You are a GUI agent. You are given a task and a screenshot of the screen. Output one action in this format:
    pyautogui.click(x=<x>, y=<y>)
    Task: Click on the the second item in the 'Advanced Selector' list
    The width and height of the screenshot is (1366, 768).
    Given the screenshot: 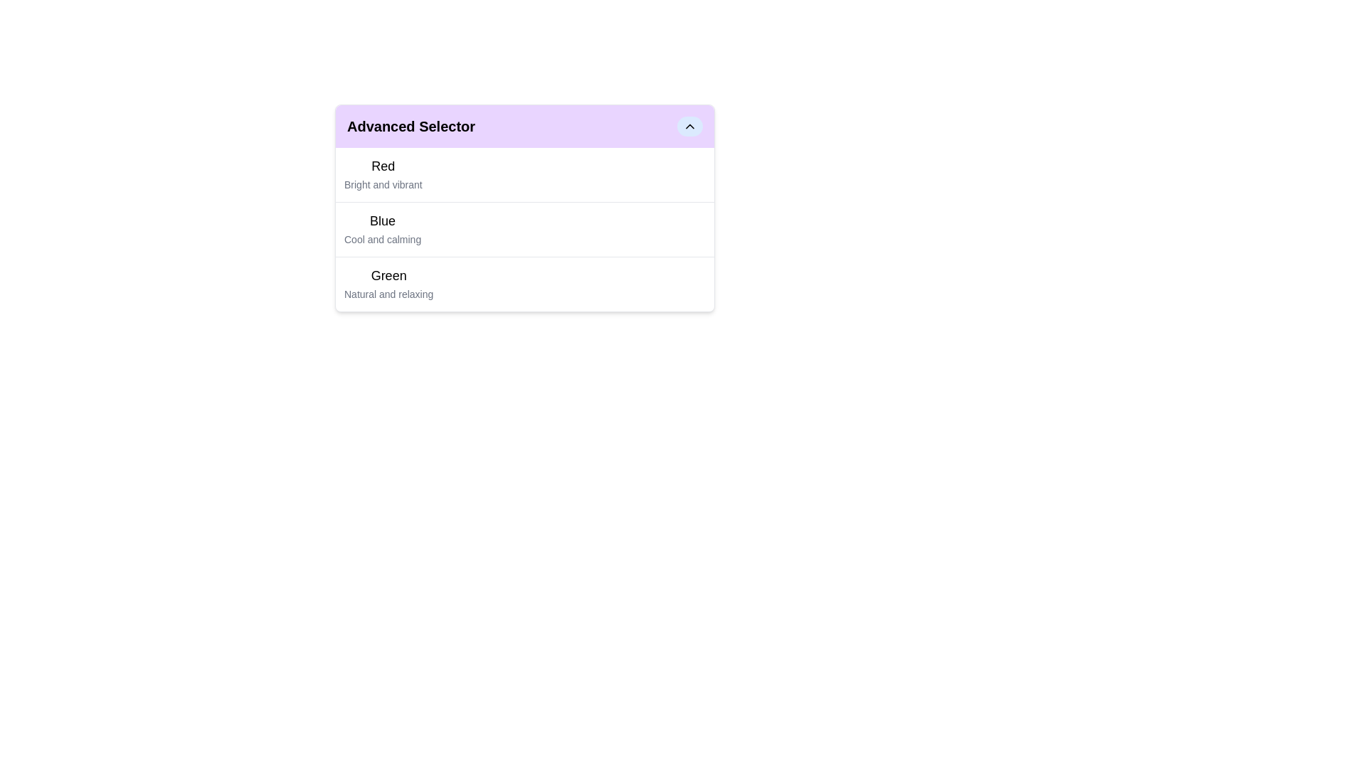 What is the action you would take?
    pyautogui.click(x=524, y=229)
    